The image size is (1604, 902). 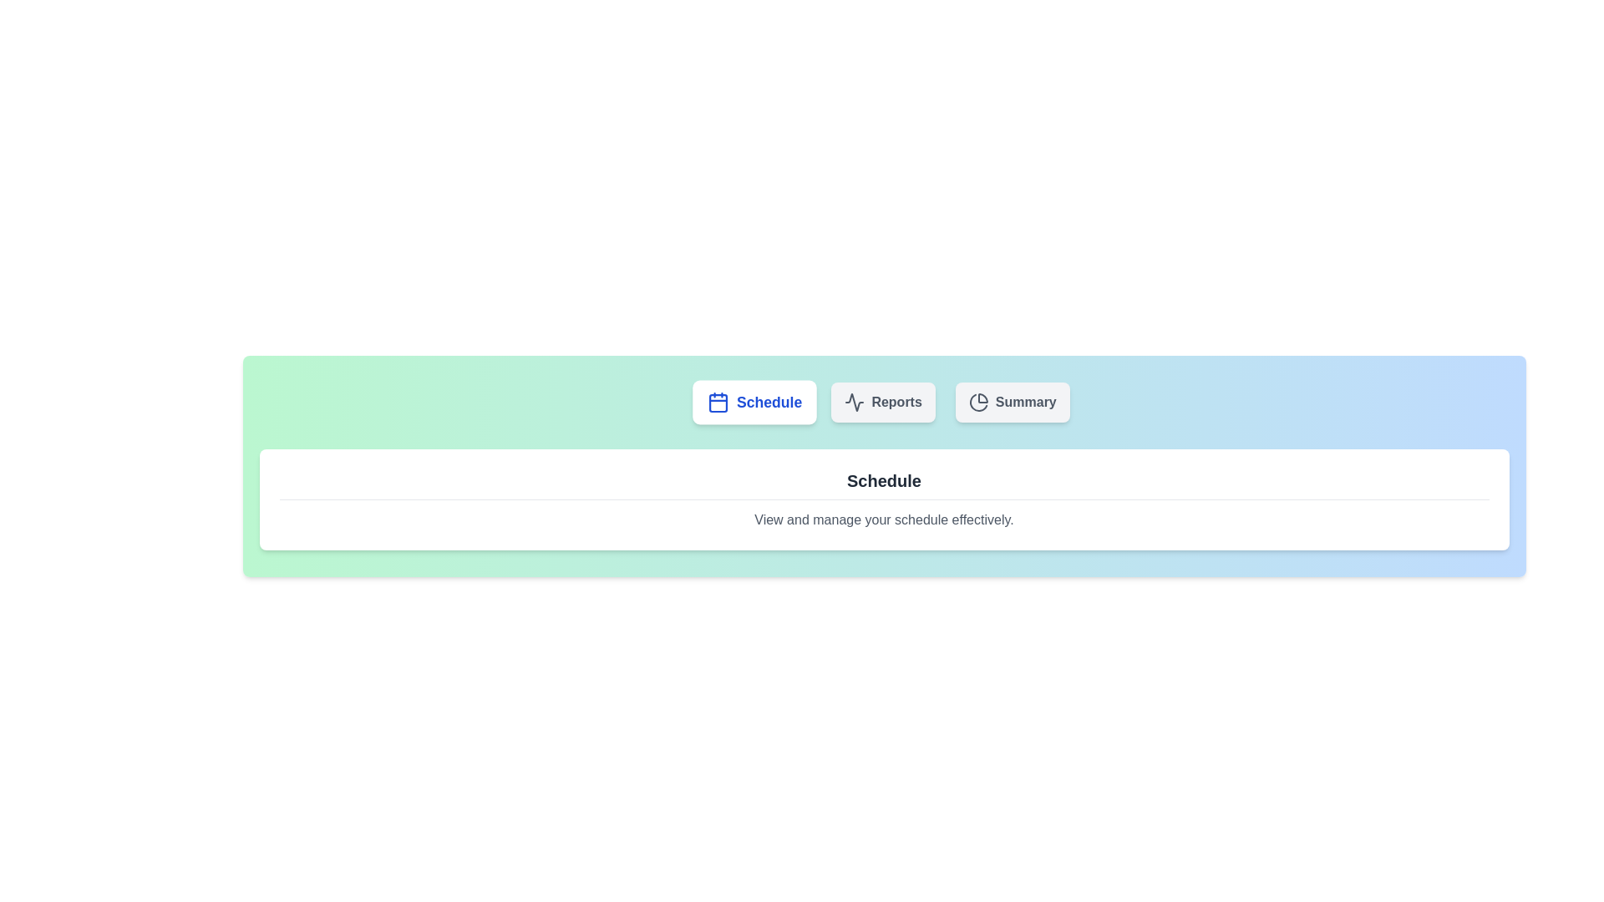 I want to click on the tab labeled Schedule to switch views, so click(x=754, y=403).